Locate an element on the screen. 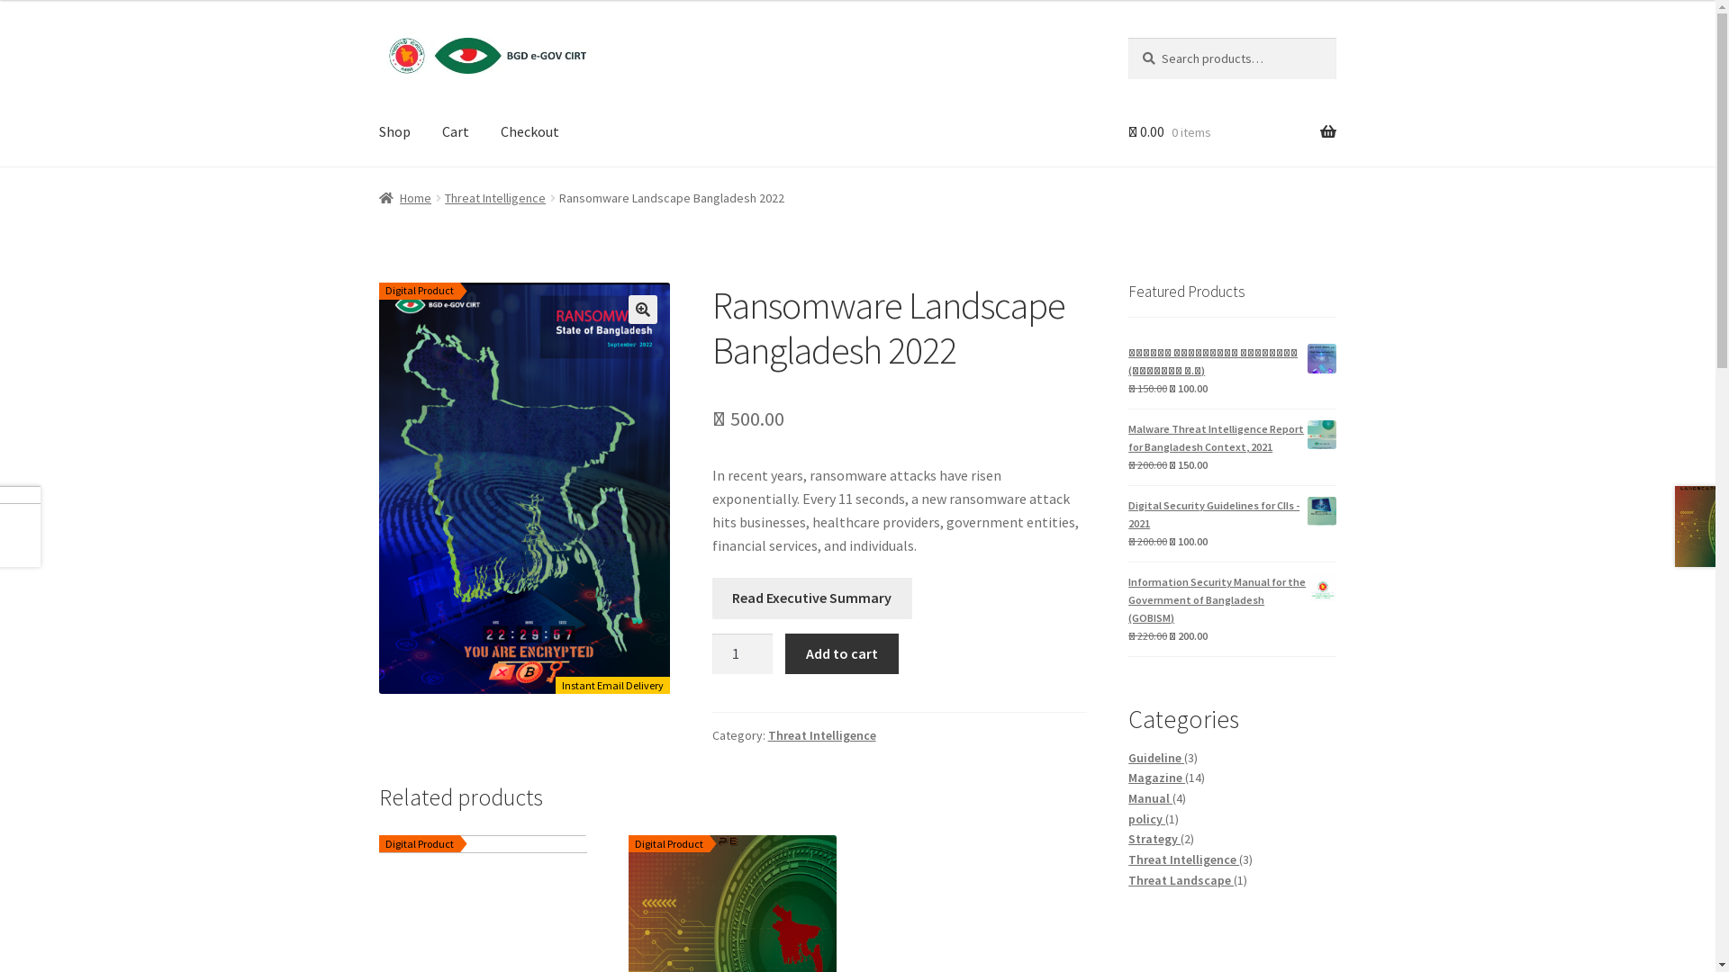  'Magazine' is located at coordinates (1156, 777).